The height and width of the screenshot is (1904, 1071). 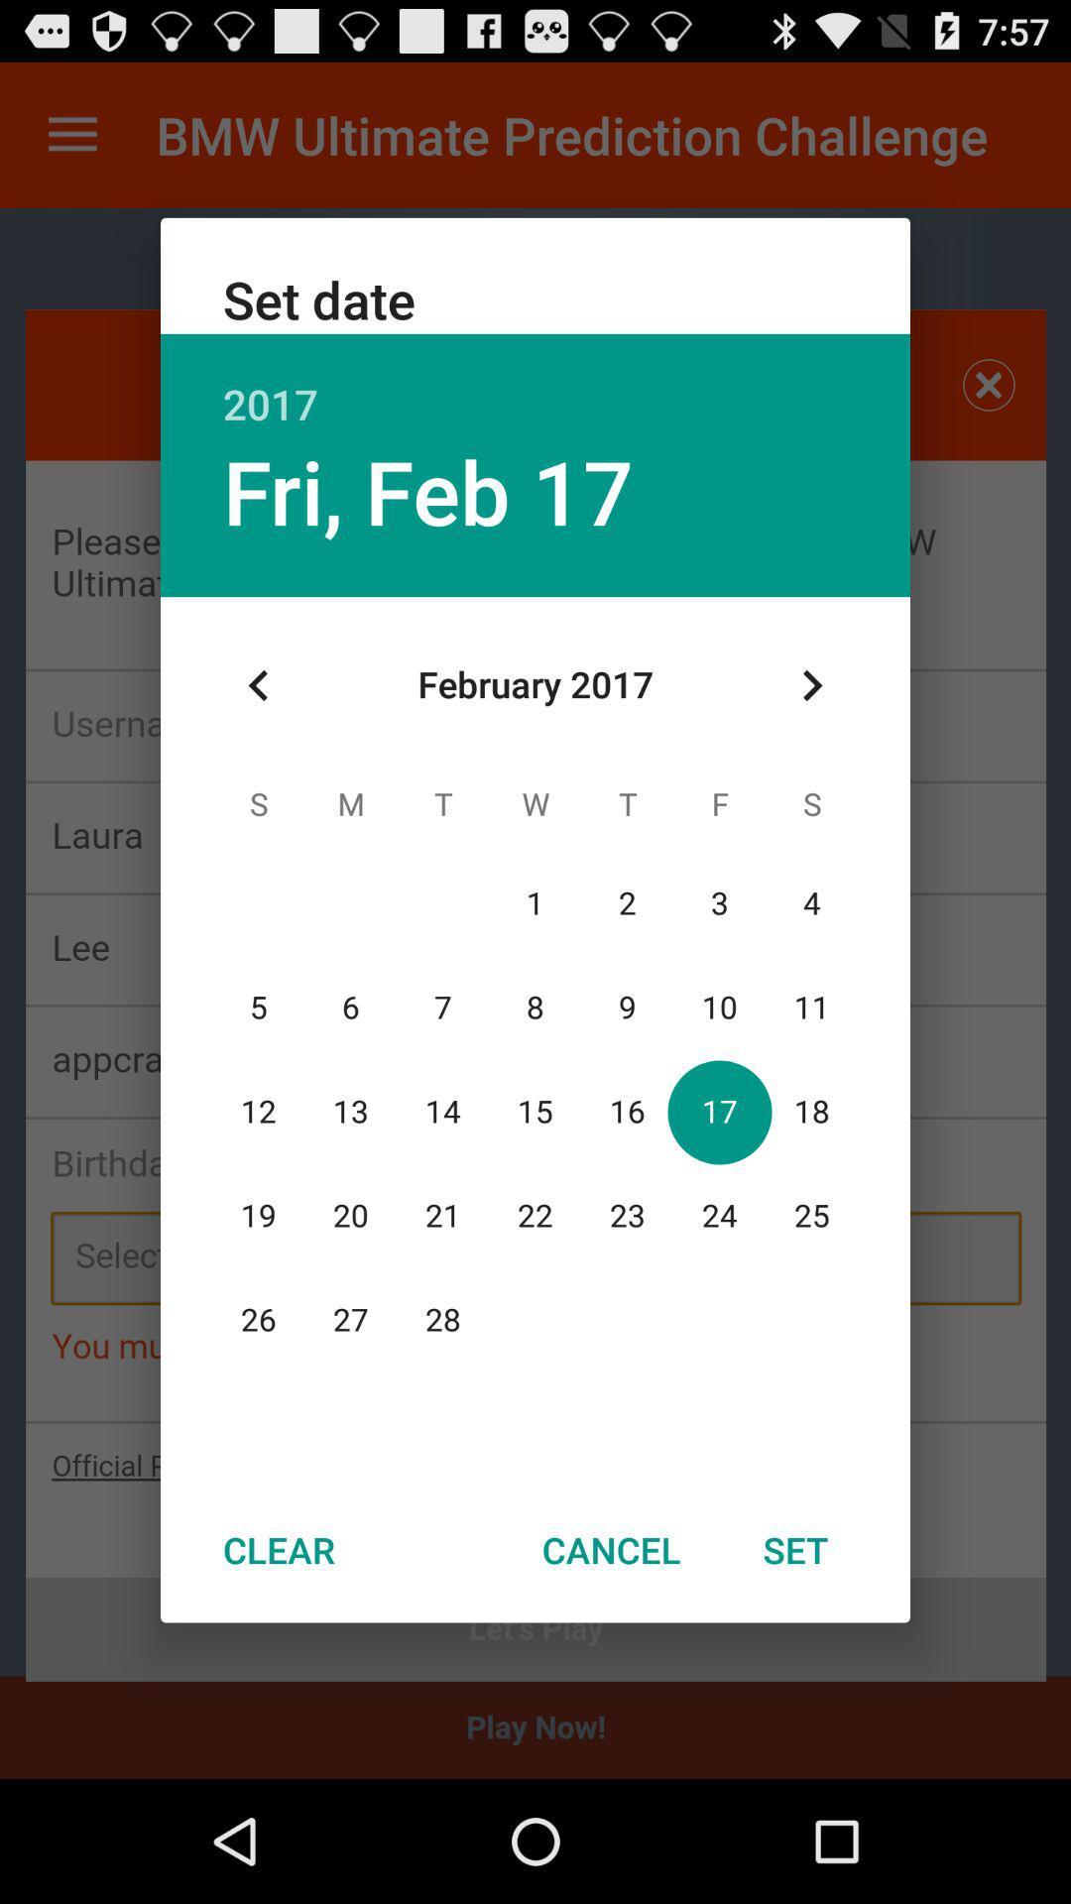 I want to click on the clear at the bottom left corner, so click(x=279, y=1549).